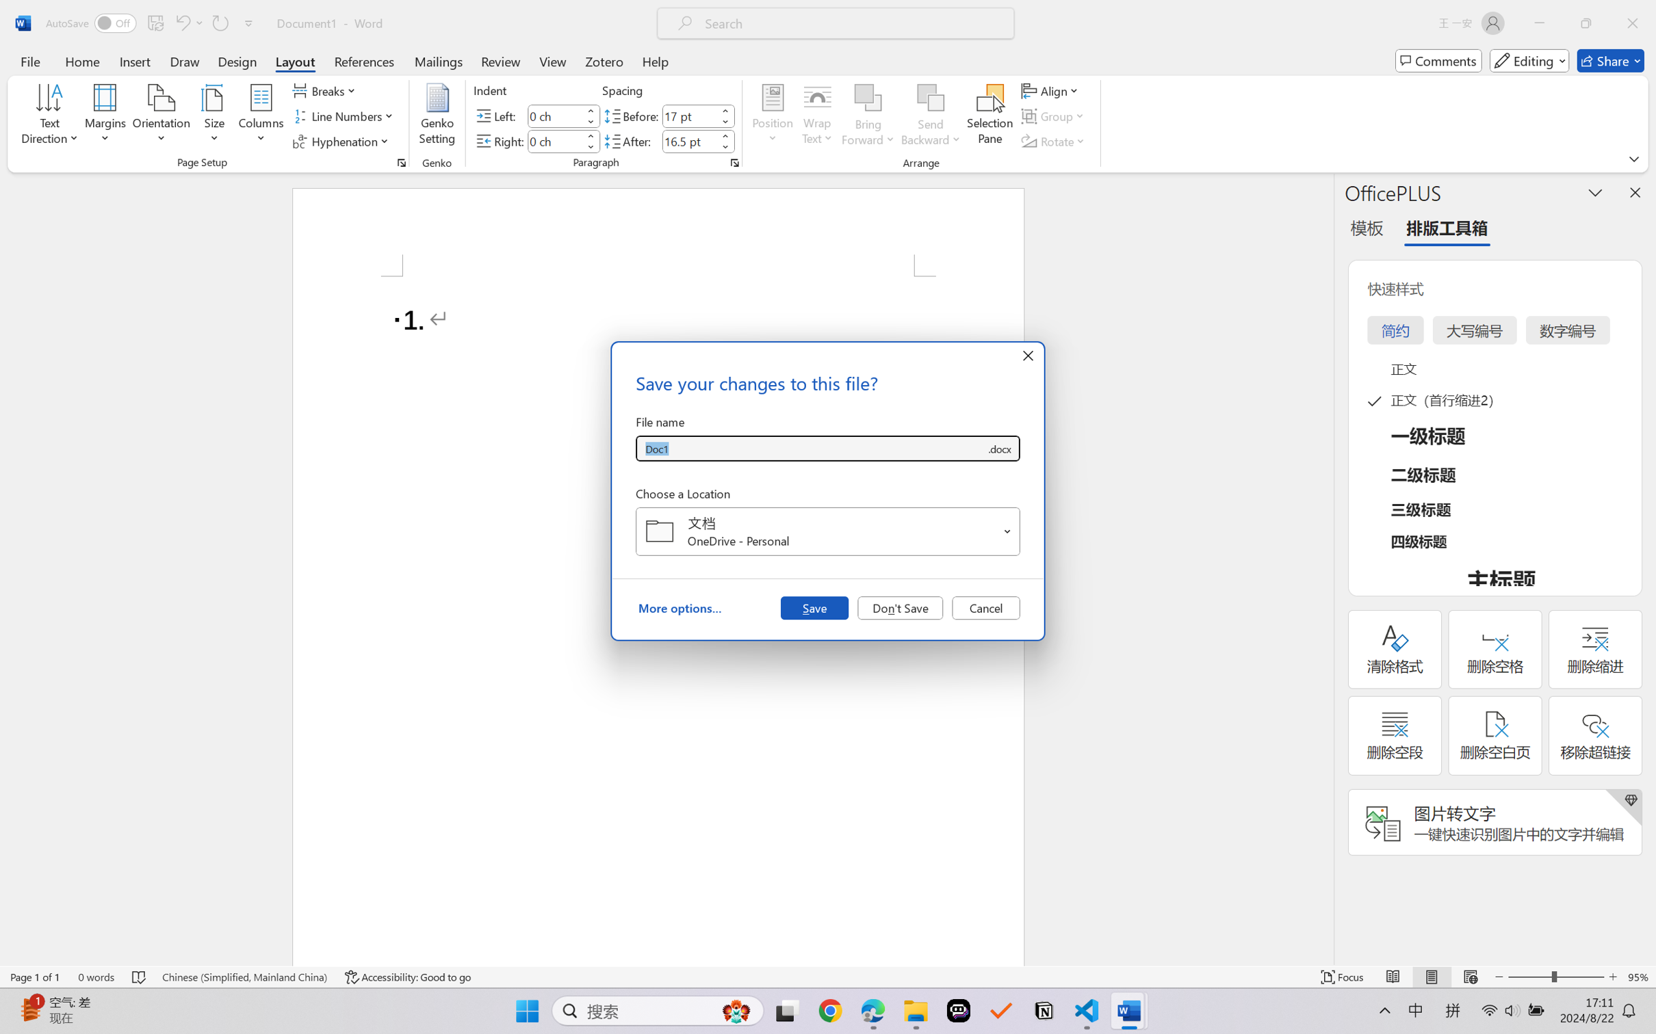 The image size is (1656, 1034). I want to click on 'Wrap Text', so click(817, 116).